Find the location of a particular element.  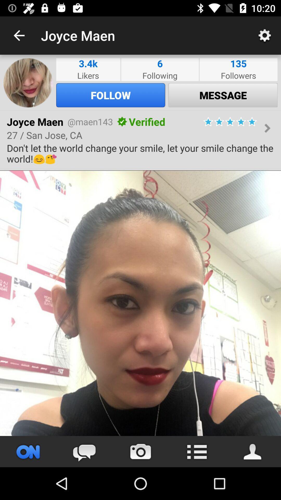

@maen143 item is located at coordinates (90, 121).